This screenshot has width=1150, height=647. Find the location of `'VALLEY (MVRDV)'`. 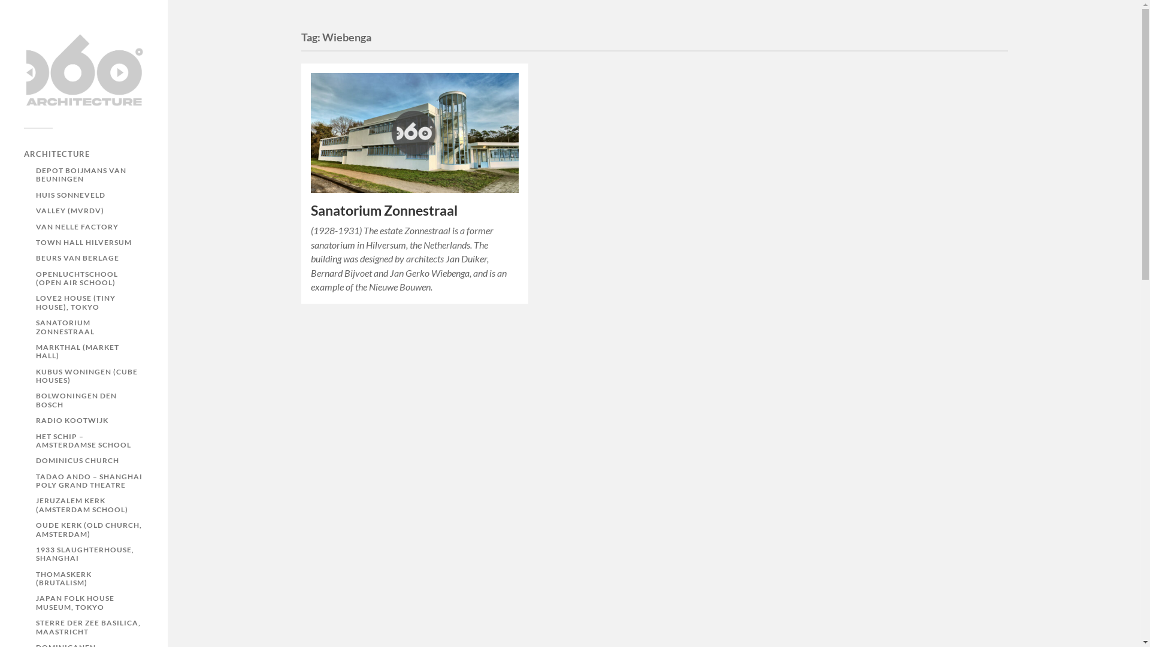

'VALLEY (MVRDV)' is located at coordinates (69, 210).